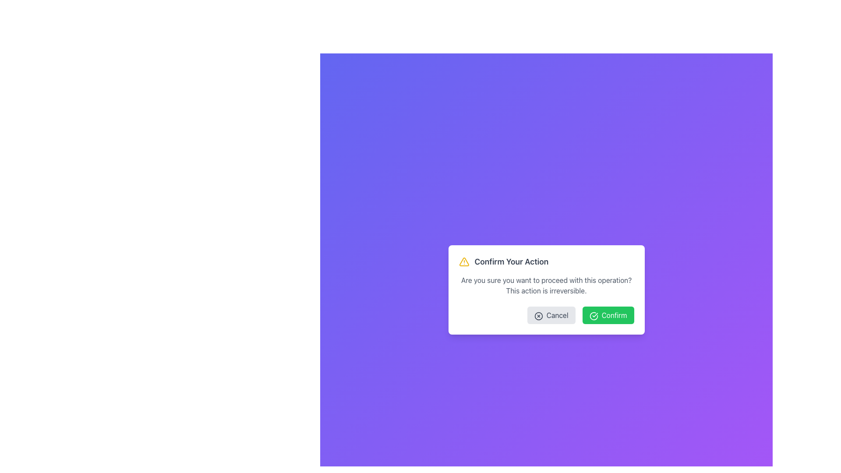 Image resolution: width=841 pixels, height=473 pixels. I want to click on the bright green rectangular 'Confirm' button with a white checkmark icon, so click(608, 315).